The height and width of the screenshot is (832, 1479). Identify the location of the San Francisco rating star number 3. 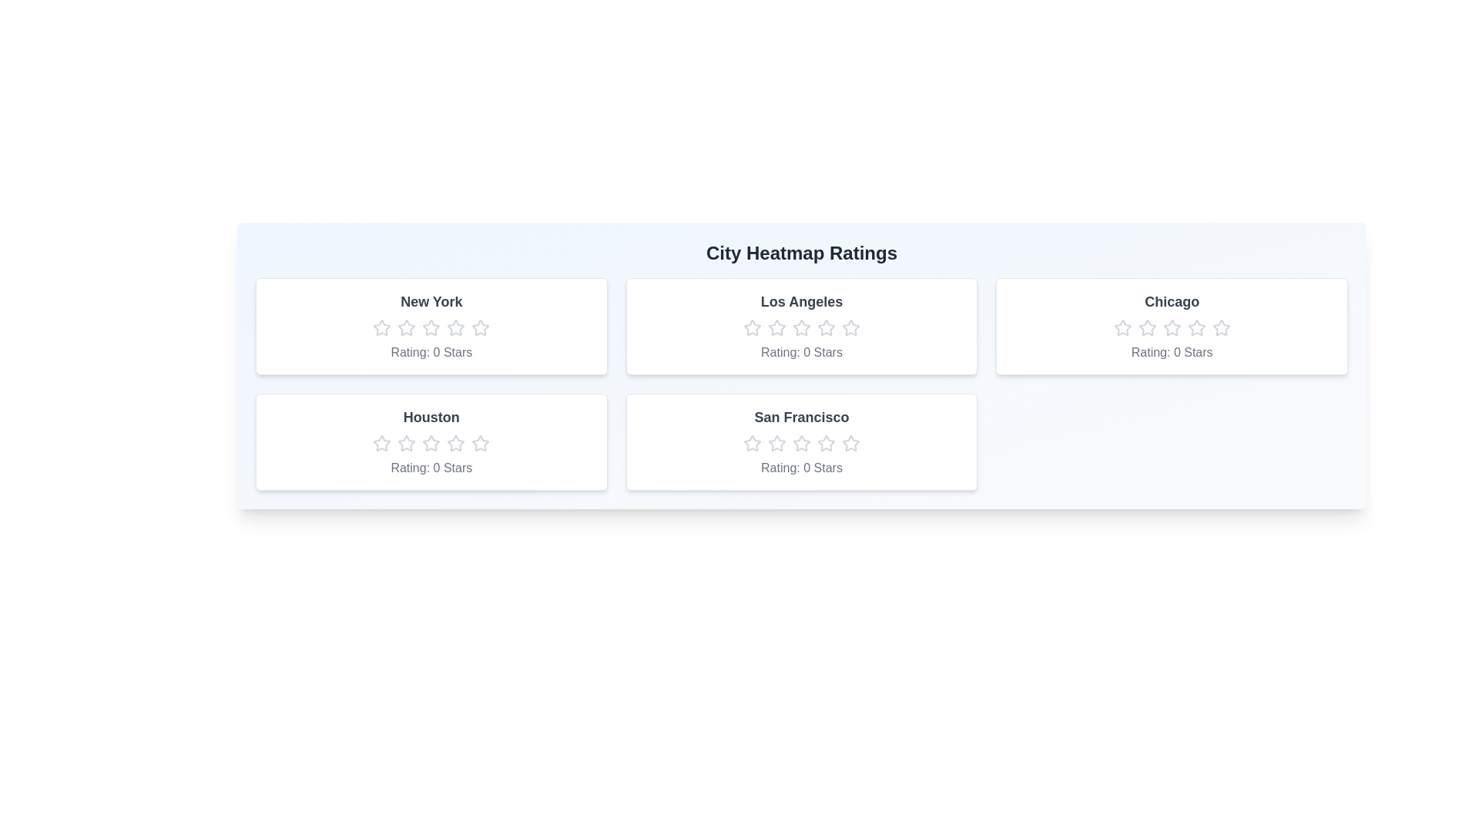
(801, 443).